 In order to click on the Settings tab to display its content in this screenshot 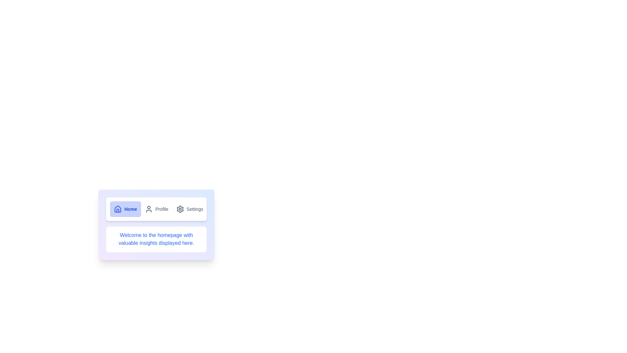, I will do `click(189, 209)`.